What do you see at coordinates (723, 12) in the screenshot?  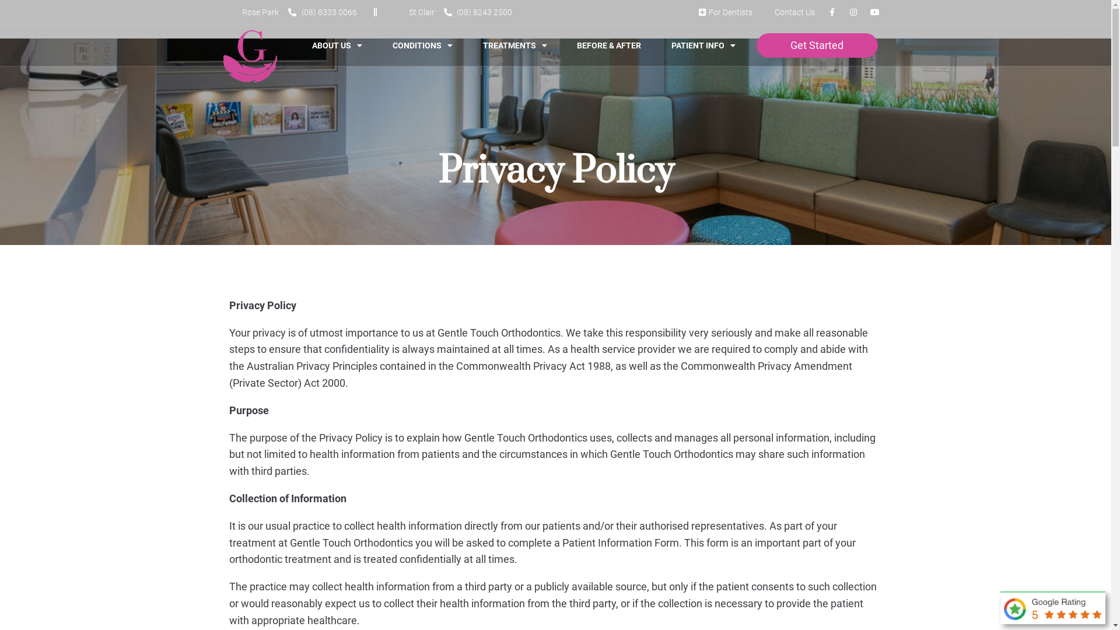 I see `'For Dentists'` at bounding box center [723, 12].